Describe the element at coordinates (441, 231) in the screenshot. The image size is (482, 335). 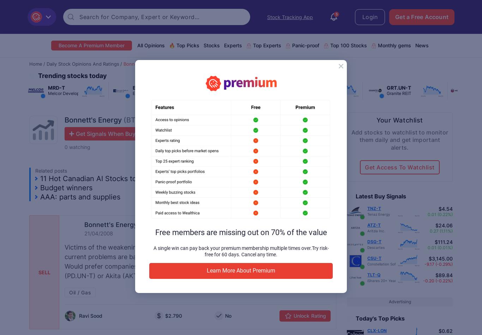
I see `'0.27
      (1.11%)'` at that location.